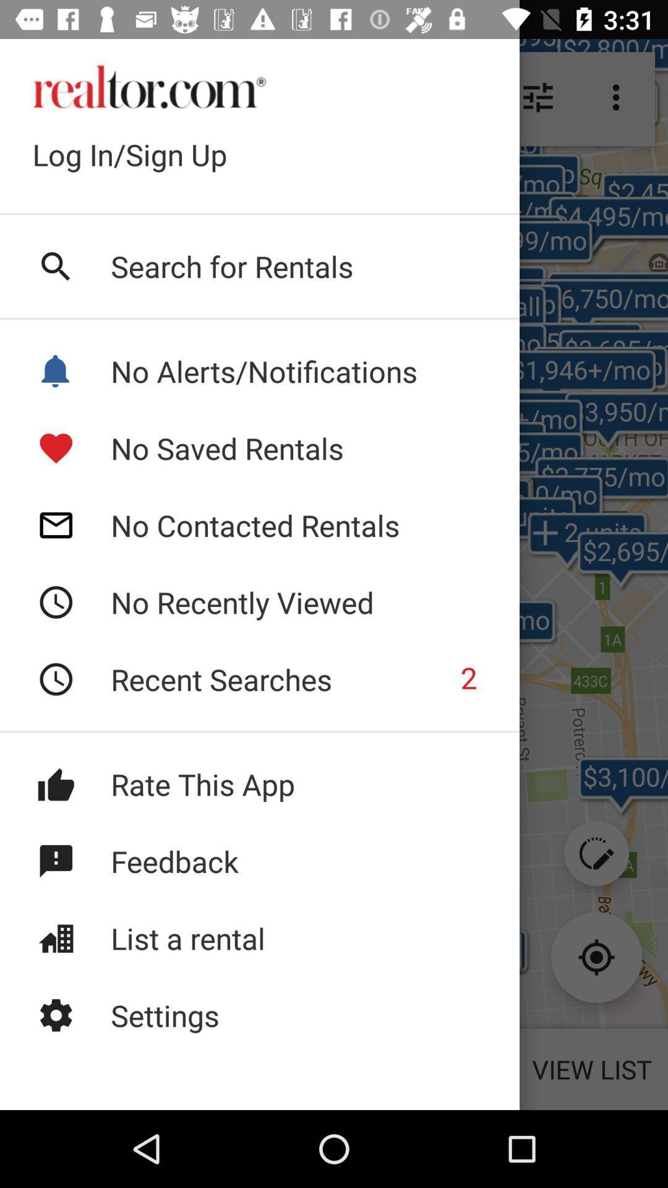  What do you see at coordinates (596, 853) in the screenshot?
I see `the edit icon` at bounding box center [596, 853].